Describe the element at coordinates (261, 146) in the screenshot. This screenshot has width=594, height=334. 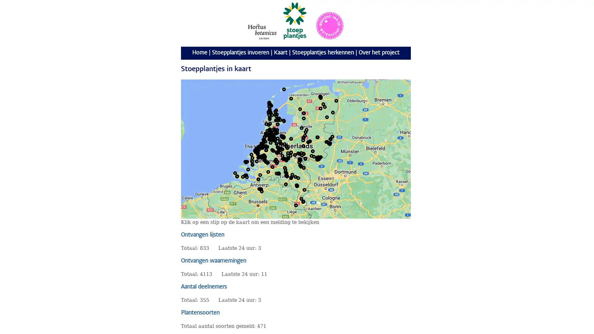
I see `Telling van Jurriaan Nolles op 12 oktober 2021` at that location.